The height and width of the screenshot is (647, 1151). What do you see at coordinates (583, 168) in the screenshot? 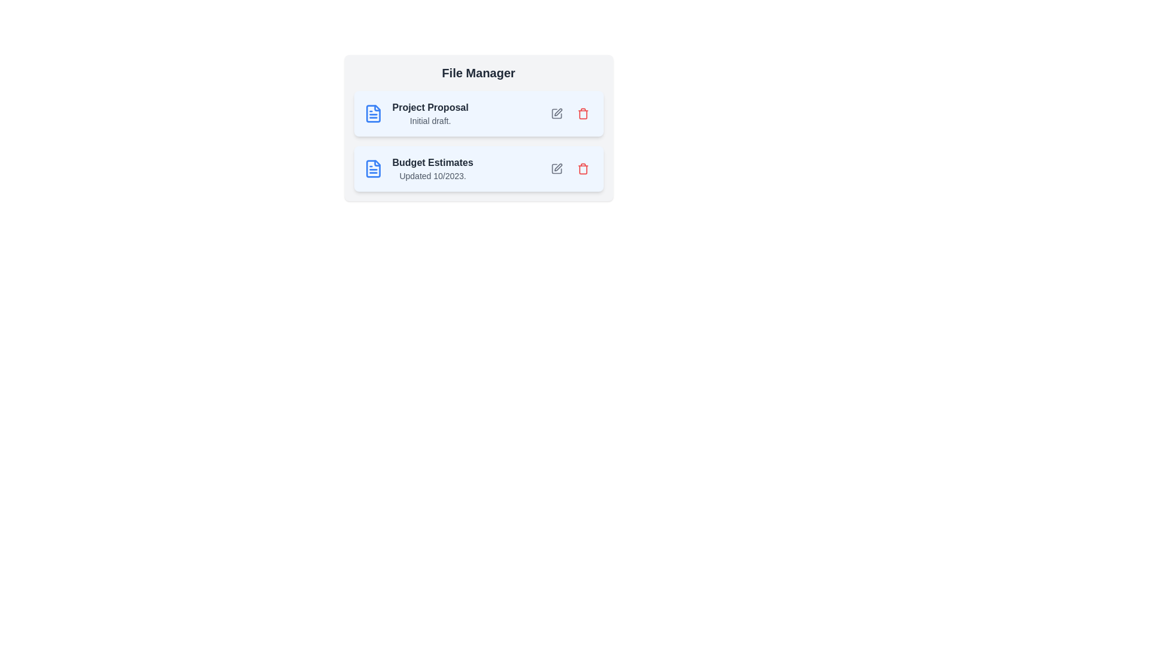
I see `the delete button for the file Budget Estimates` at bounding box center [583, 168].